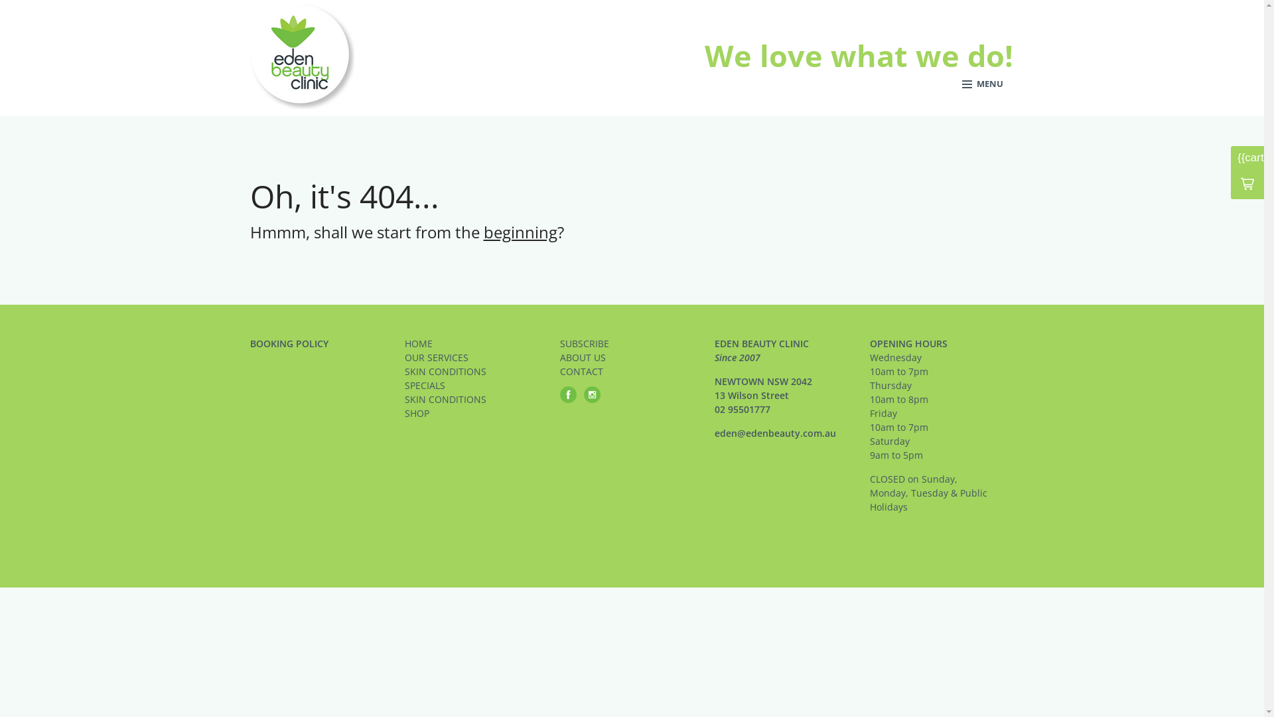 This screenshot has width=1274, height=717. Describe the element at coordinates (560, 343) in the screenshot. I see `'SUBSCRIBE'` at that location.